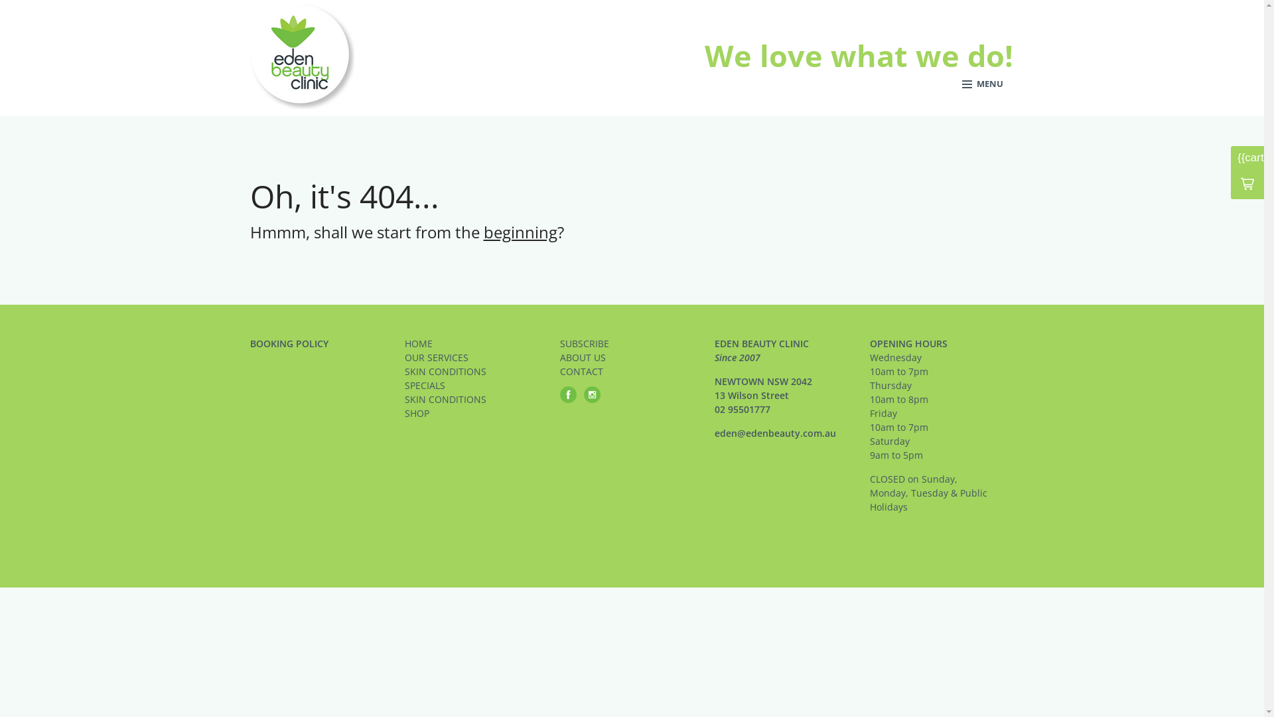 This screenshot has width=1274, height=717. Describe the element at coordinates (560, 343) in the screenshot. I see `'SUBSCRIBE'` at that location.